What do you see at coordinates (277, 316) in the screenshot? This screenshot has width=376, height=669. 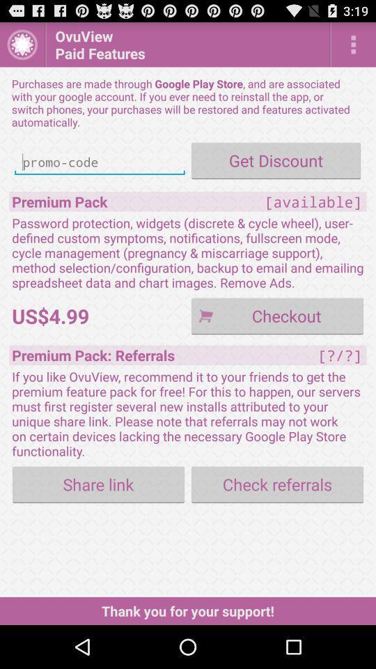 I see `checkout` at bounding box center [277, 316].